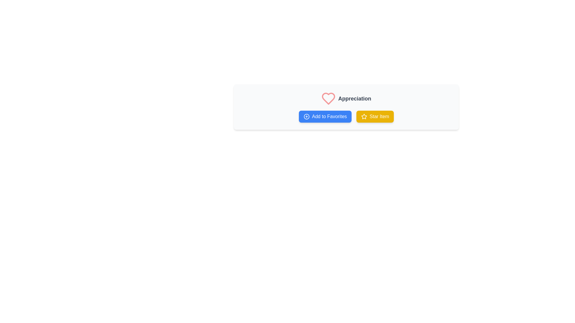 The image size is (575, 323). Describe the element at coordinates (364, 116) in the screenshot. I see `the star icon with a yellow background located inside the button labeled 'Star Item' at the right side of the component to identify its state` at that location.